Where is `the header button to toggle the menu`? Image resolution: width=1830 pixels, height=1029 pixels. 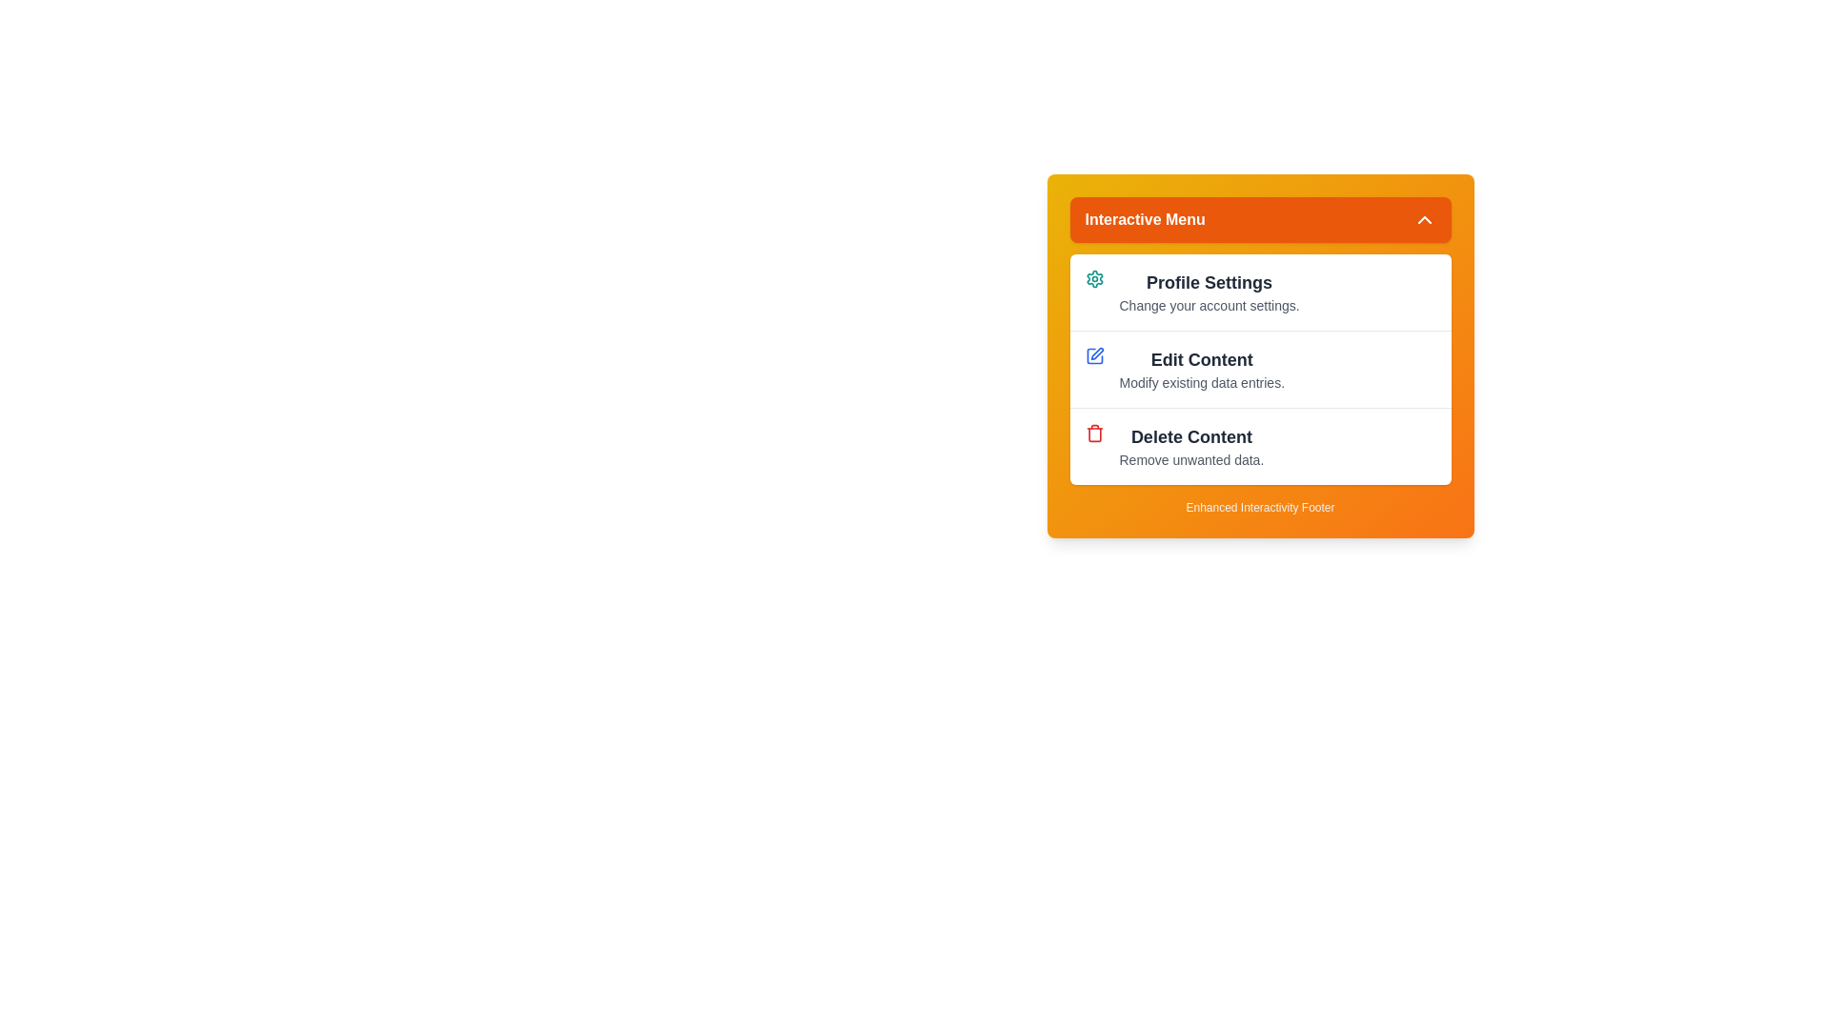
the header button to toggle the menu is located at coordinates (1260, 219).